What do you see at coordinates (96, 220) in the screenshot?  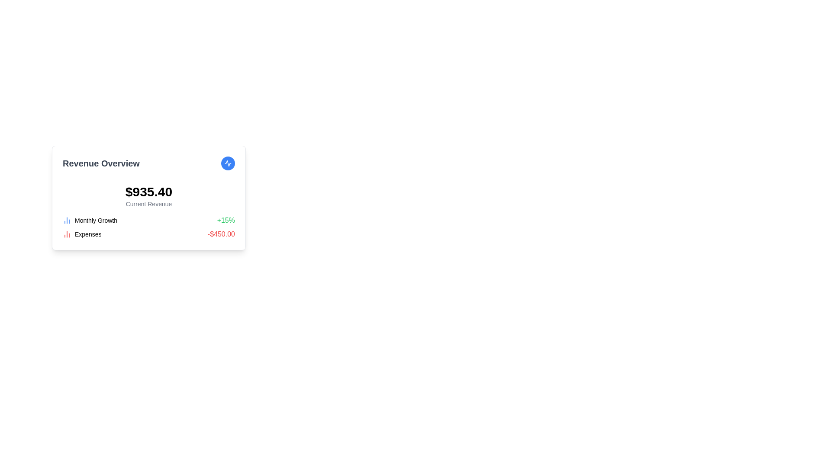 I see `the text label displaying 'Monthly Growth', which is styled in black text and positioned between a chart icon and a growth percentage value` at bounding box center [96, 220].